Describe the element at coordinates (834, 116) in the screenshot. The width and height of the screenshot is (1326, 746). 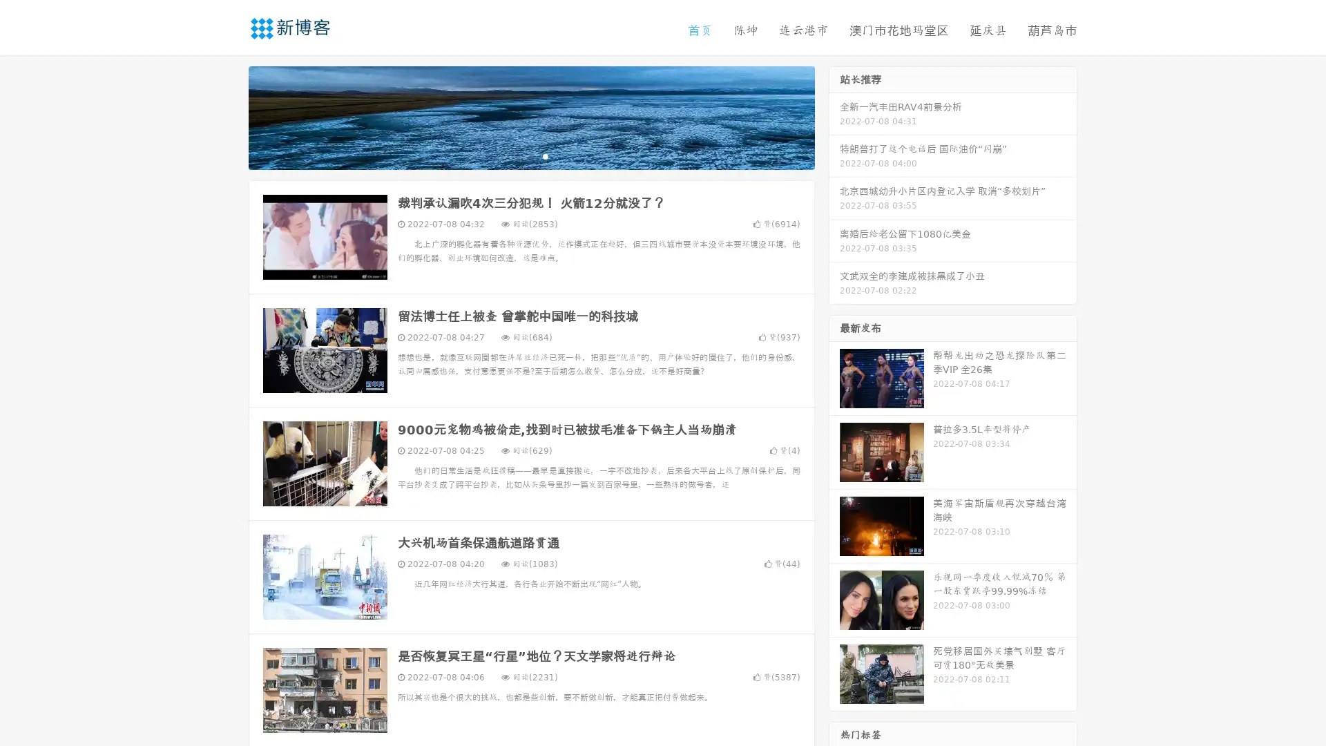
I see `Next slide` at that location.